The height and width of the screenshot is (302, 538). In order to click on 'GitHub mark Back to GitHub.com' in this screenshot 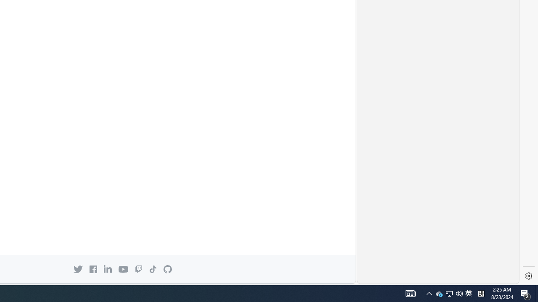, I will do `click(168, 269)`.